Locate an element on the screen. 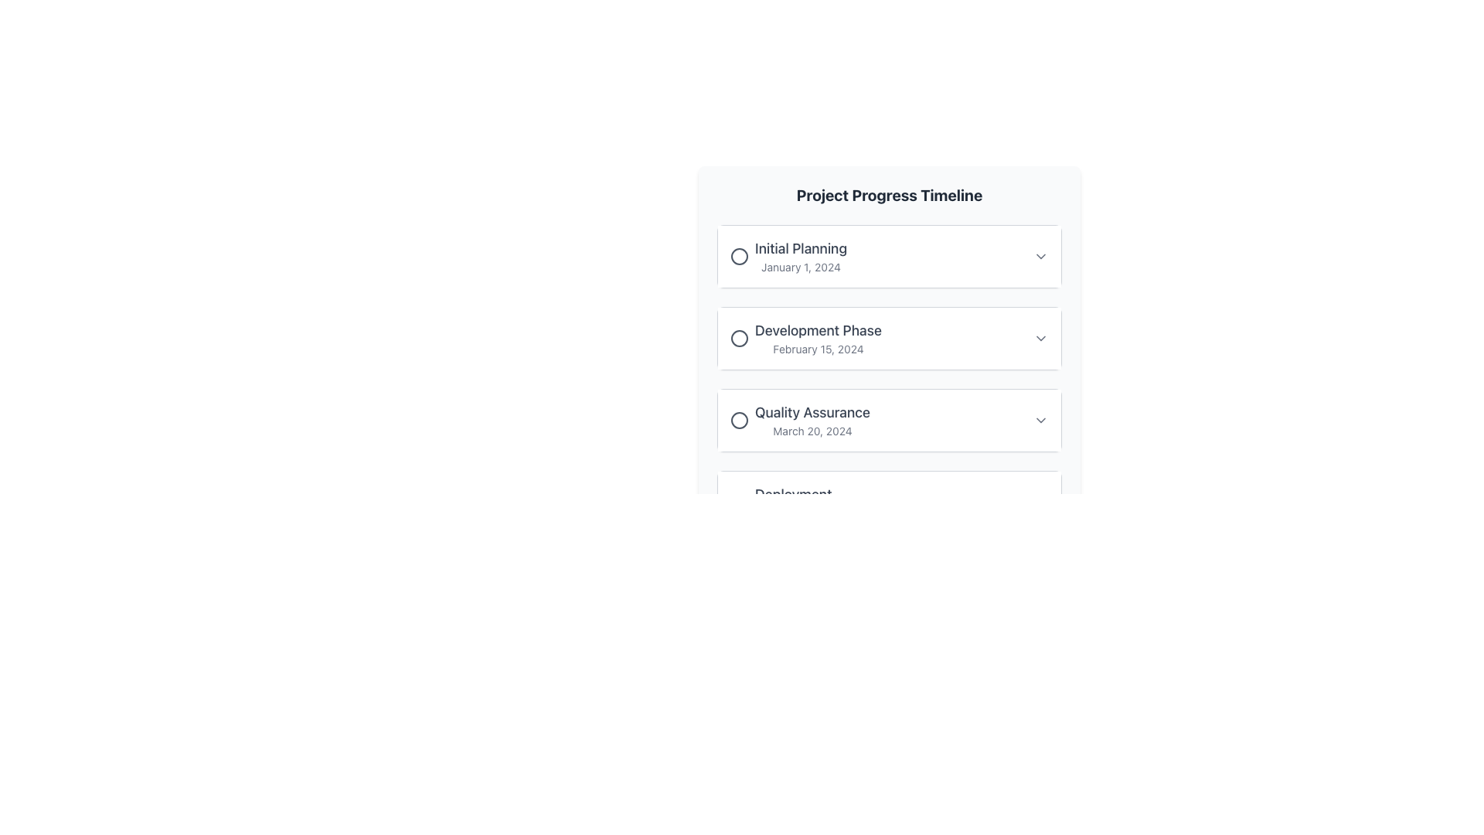  the 'Initial Planning' timeline entry in the 'Project Progress Timeline' section is located at coordinates (890, 255).